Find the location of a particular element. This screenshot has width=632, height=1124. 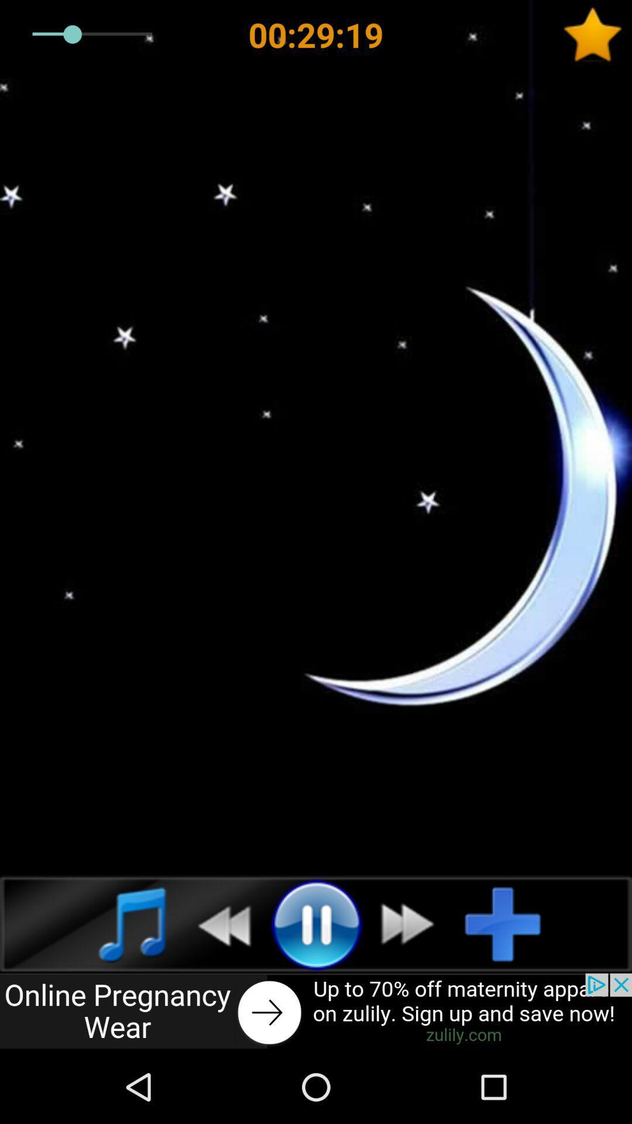

to goto previous song or music in the list is located at coordinates (217, 923).